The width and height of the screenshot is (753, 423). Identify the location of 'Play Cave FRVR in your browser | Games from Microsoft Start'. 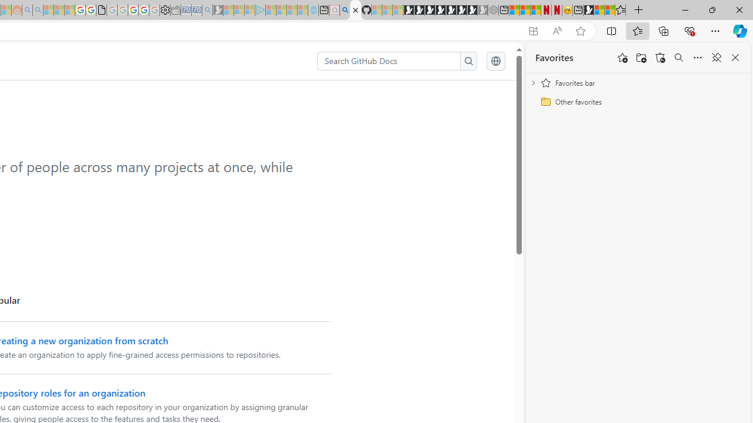
(429, 10).